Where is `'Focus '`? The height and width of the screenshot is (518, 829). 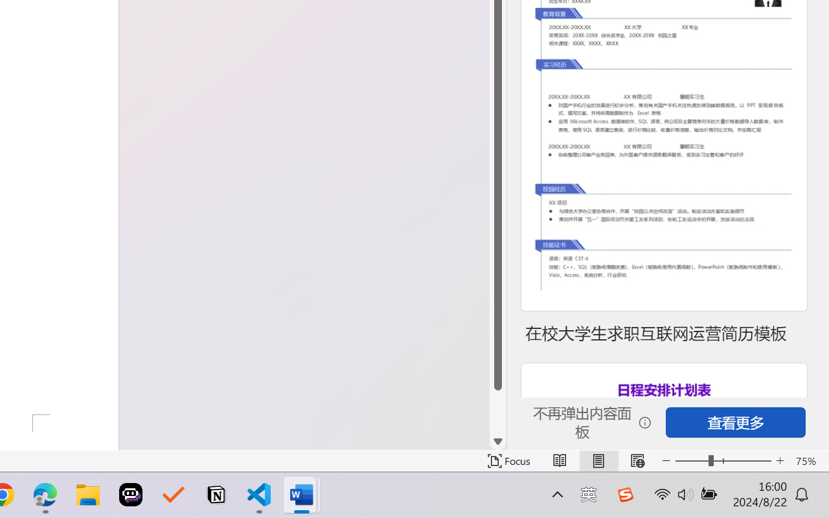 'Focus ' is located at coordinates (508, 460).